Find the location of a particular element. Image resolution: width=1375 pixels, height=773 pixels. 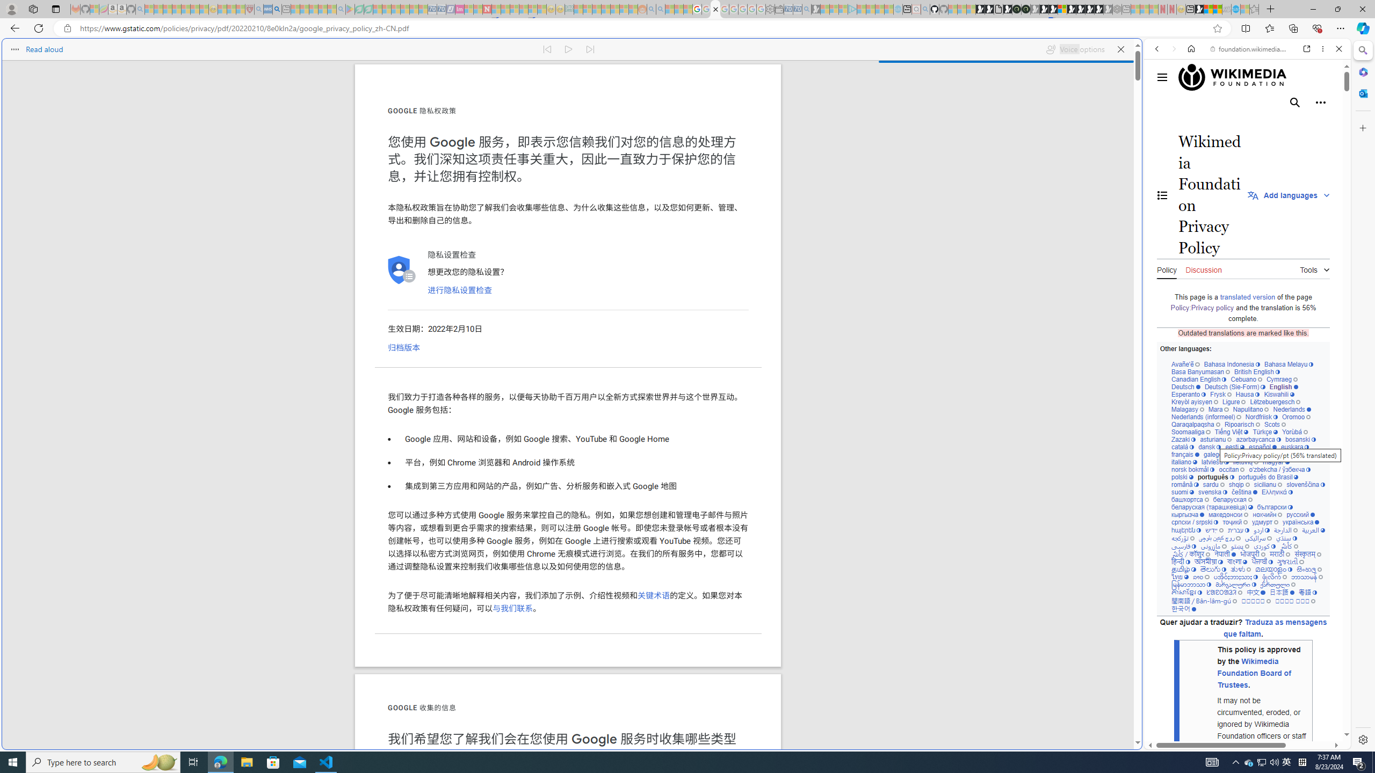

'Qaraqalpaqsha' is located at coordinates (1196, 424).